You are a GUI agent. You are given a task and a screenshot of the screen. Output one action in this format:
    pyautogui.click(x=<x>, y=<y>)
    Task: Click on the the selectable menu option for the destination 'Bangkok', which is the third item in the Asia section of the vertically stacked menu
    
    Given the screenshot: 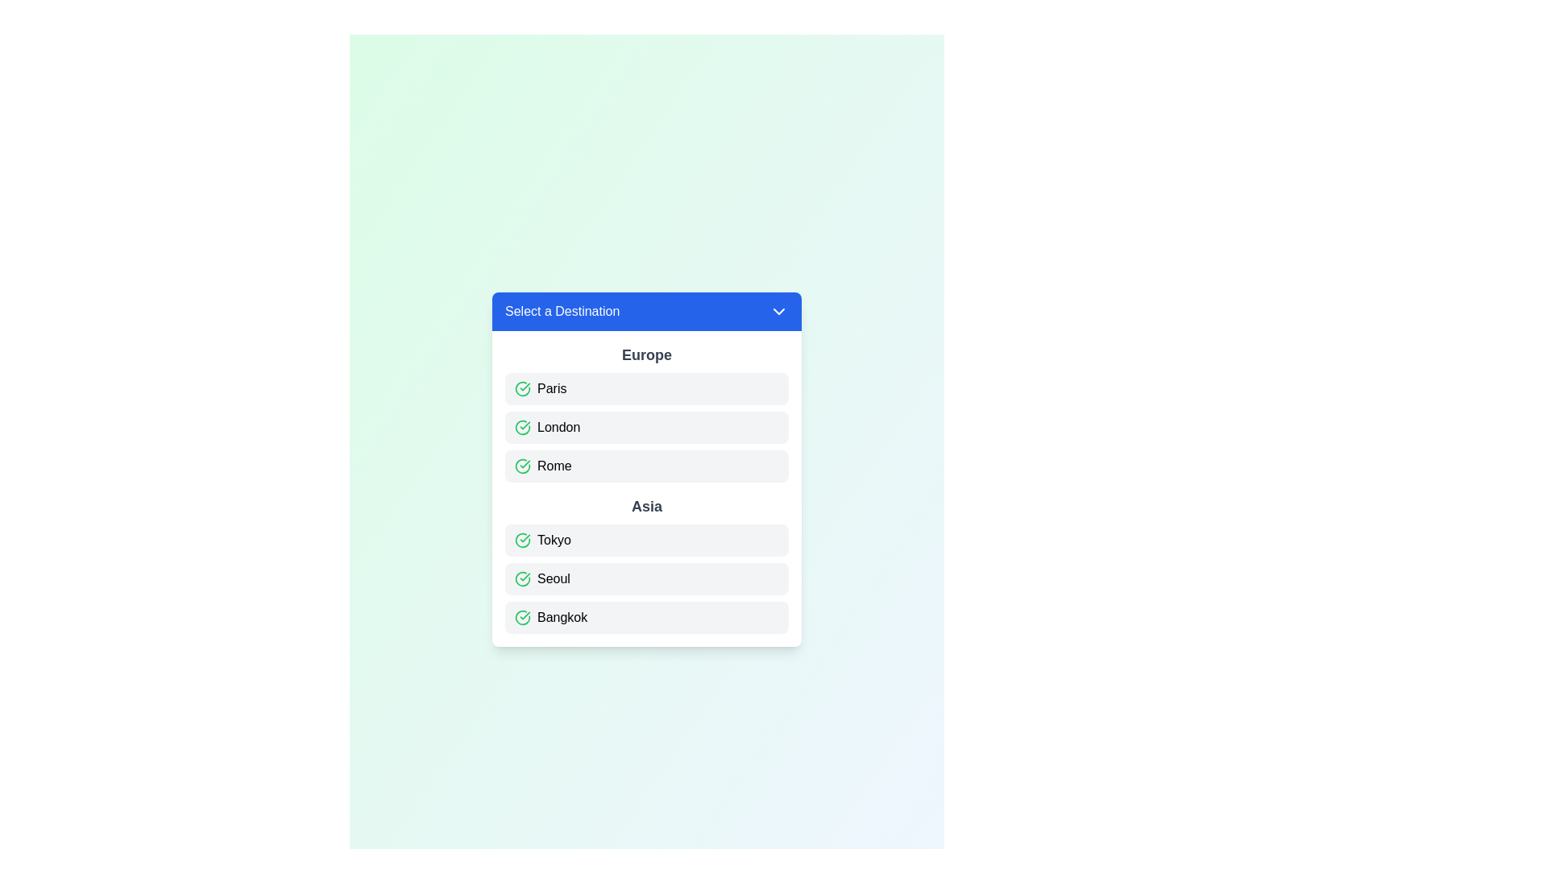 What is the action you would take?
    pyautogui.click(x=646, y=617)
    